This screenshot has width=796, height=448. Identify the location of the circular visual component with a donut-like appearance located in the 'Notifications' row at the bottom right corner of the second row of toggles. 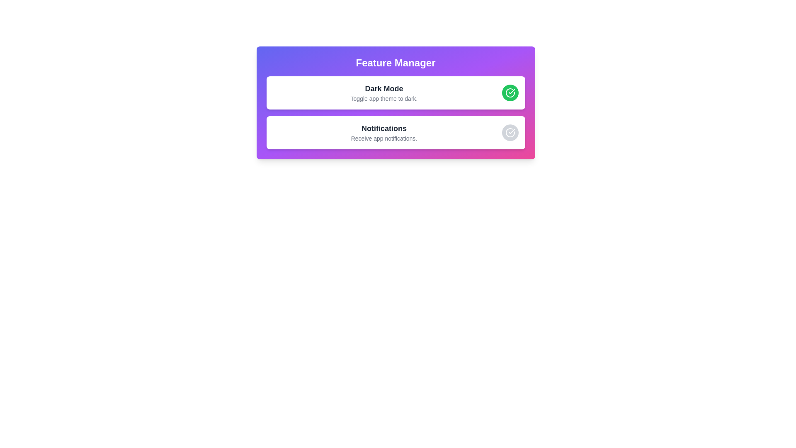
(510, 132).